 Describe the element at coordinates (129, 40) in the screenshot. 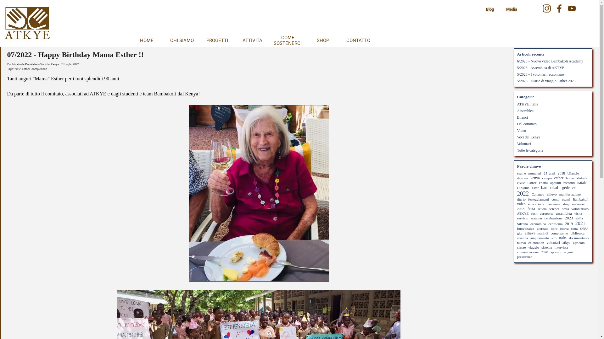

I see `'HOME'` at that location.